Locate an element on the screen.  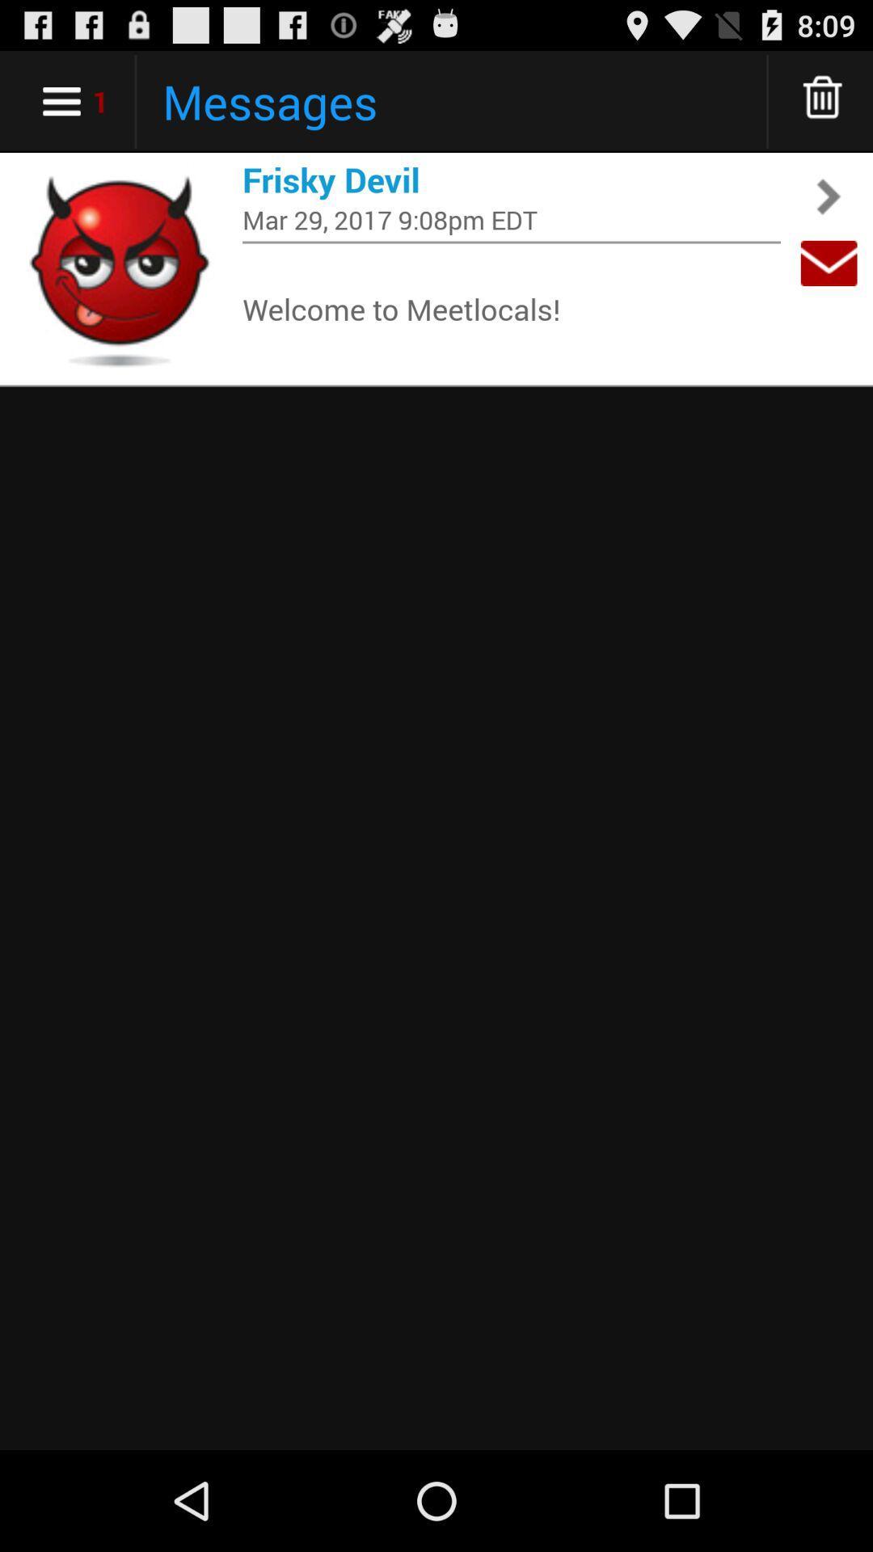
the welcome to meetlocals icon is located at coordinates (511, 308).